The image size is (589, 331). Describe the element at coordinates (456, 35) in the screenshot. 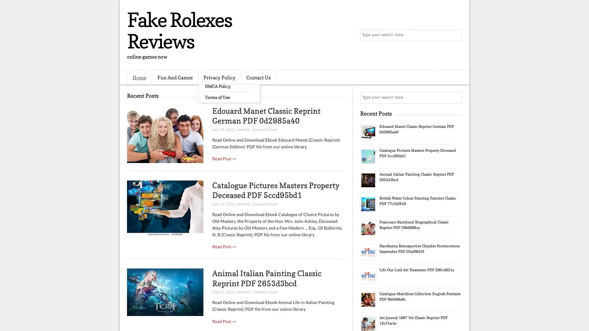

I see `Search` at that location.